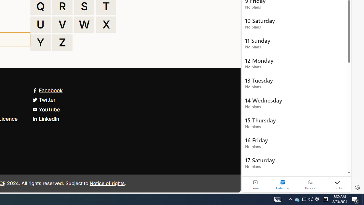 The width and height of the screenshot is (364, 205). What do you see at coordinates (62, 42) in the screenshot?
I see `'Z'` at bounding box center [62, 42].